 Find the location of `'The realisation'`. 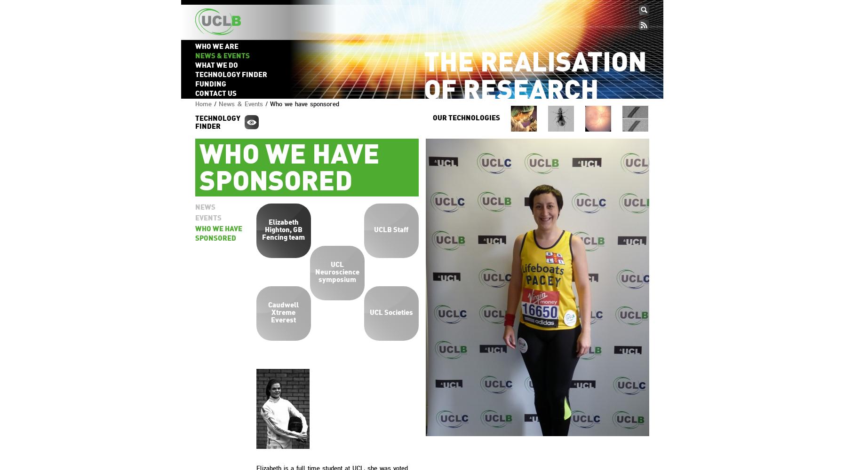

'The realisation' is located at coordinates (534, 64).